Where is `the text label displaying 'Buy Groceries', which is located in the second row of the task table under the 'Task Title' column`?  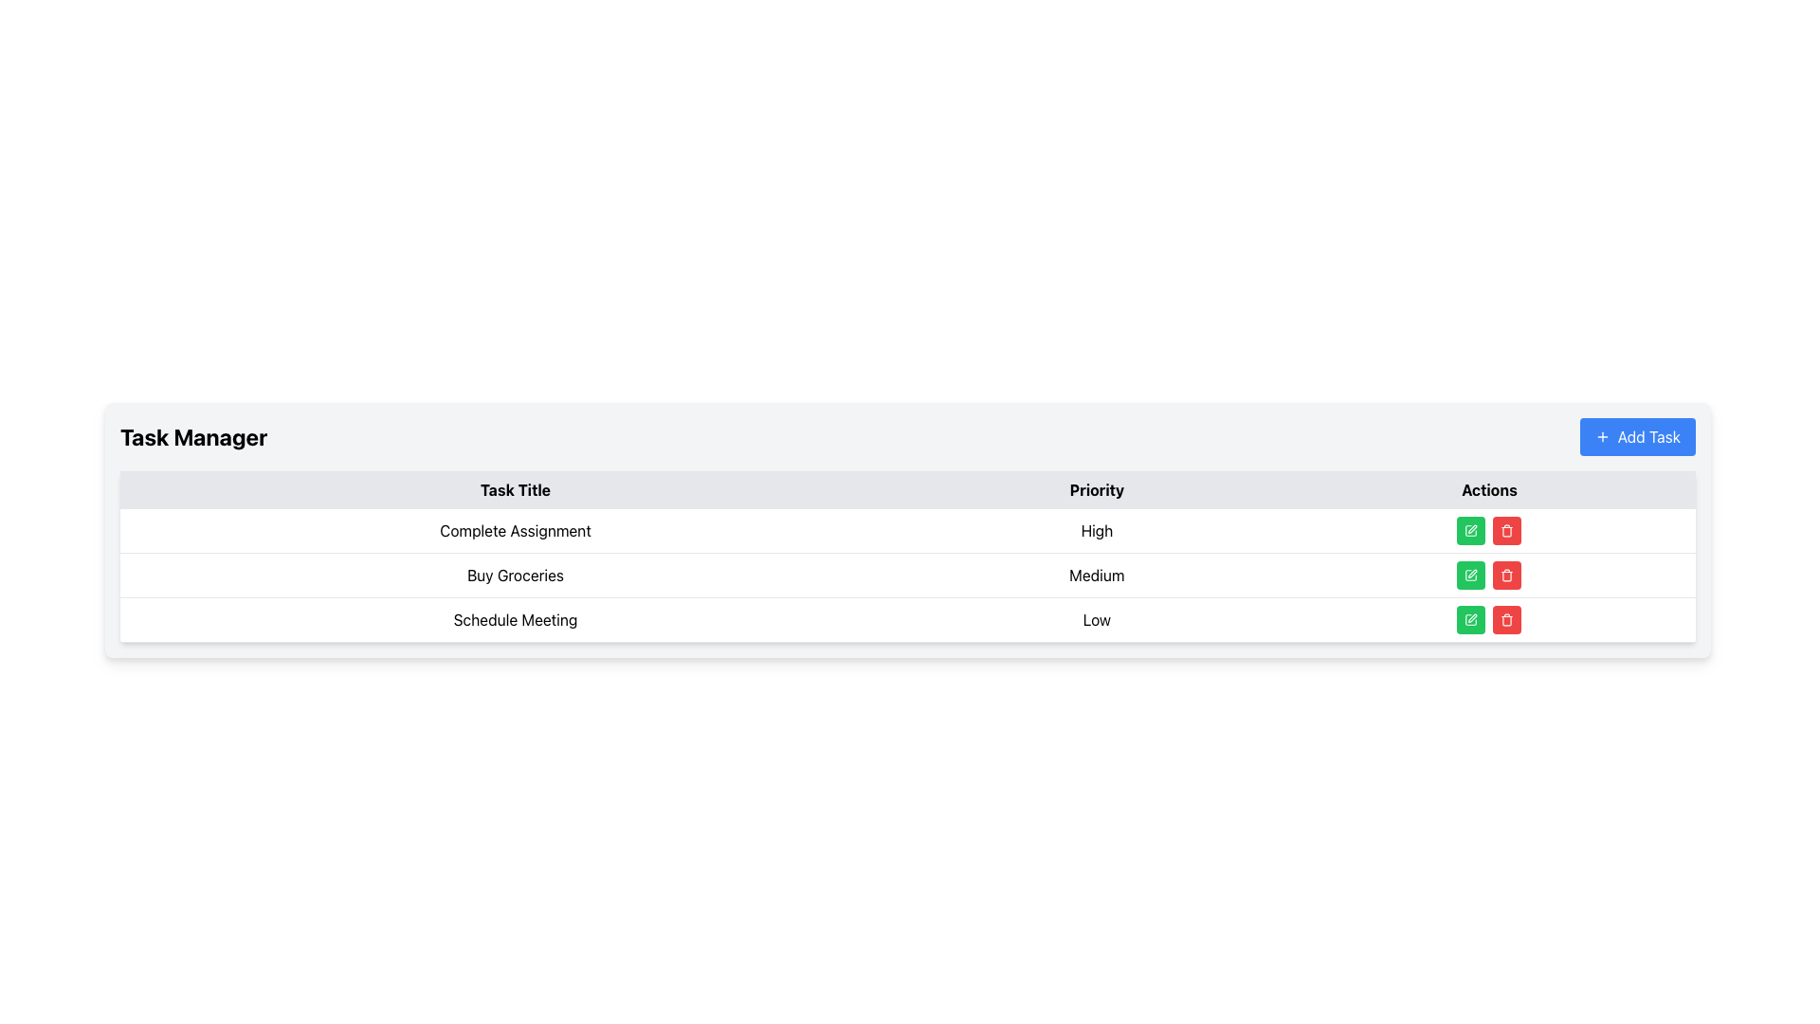 the text label displaying 'Buy Groceries', which is located in the second row of the task table under the 'Task Title' column is located at coordinates (515, 574).